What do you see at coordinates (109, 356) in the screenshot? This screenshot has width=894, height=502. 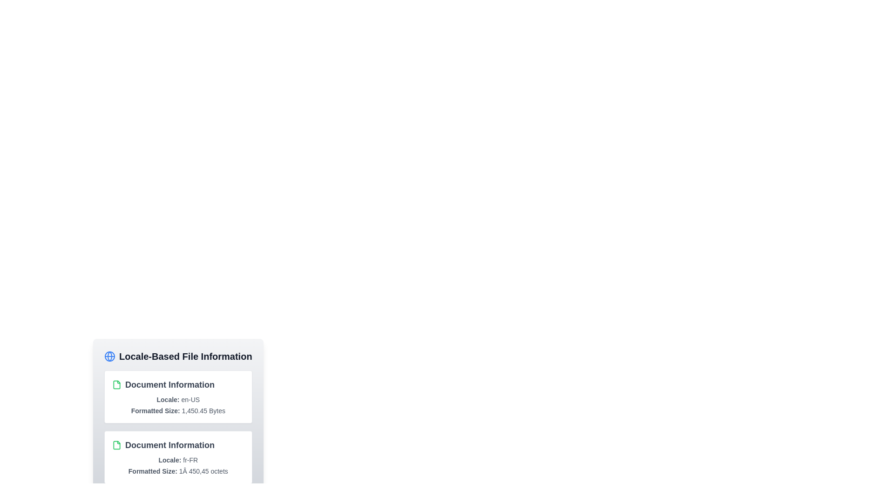 I see `the blue circular SVG shape located centrally inside the globe icon, which is positioned to the left of the 'Locale-Based File Information' label` at bounding box center [109, 356].